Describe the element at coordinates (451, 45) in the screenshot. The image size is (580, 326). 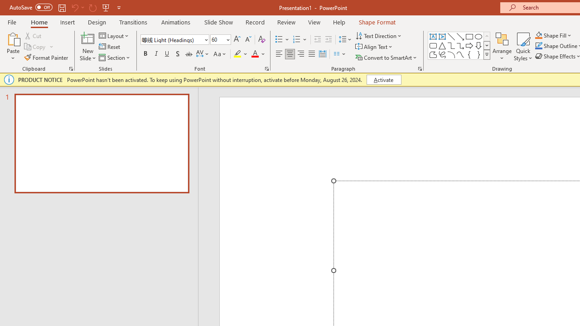
I see `'Connector: Elbow'` at that location.